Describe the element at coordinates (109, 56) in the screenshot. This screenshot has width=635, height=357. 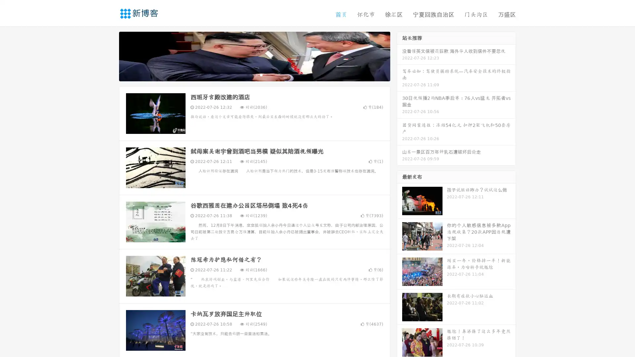
I see `Previous slide` at that location.